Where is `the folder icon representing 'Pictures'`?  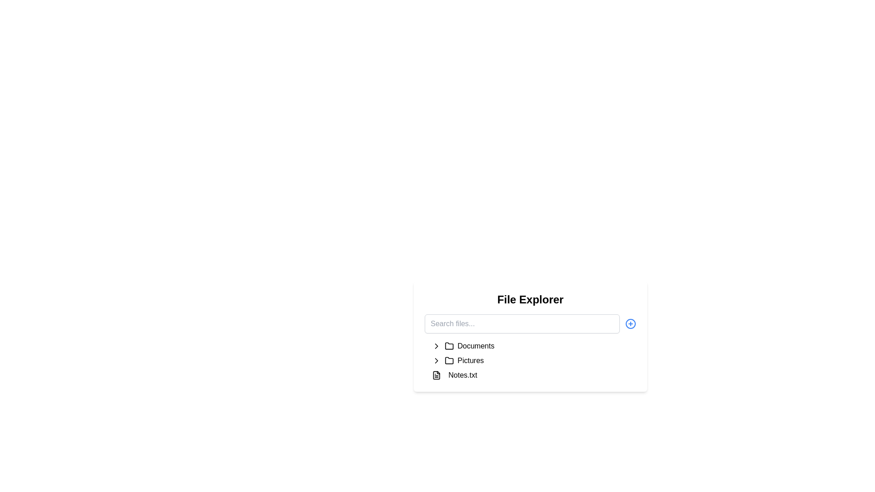
the folder icon representing 'Pictures' is located at coordinates (449, 360).